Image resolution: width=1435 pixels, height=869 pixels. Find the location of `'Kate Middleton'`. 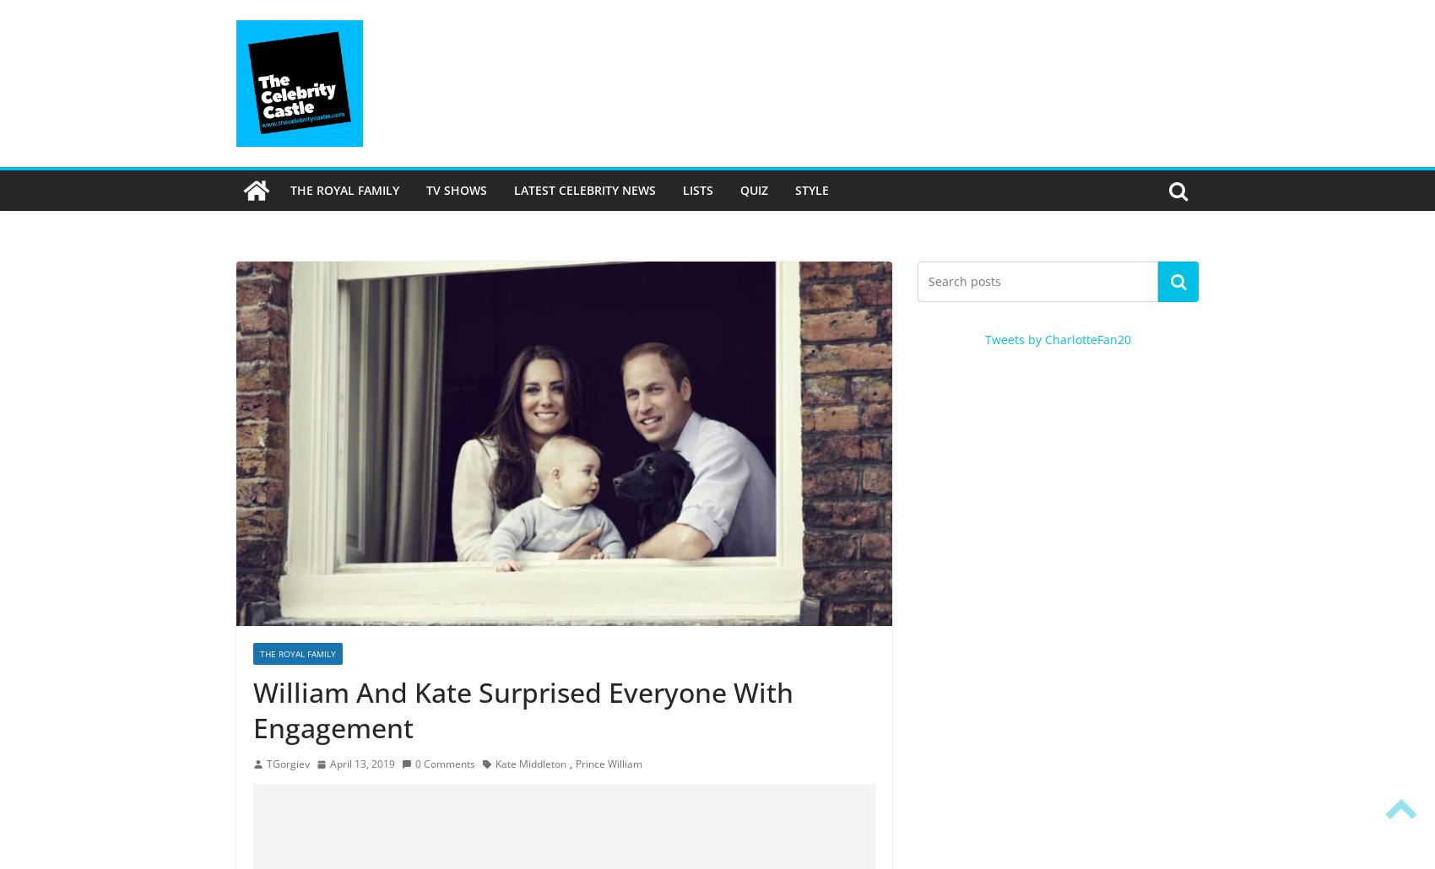

'Kate Middleton' is located at coordinates (495, 764).